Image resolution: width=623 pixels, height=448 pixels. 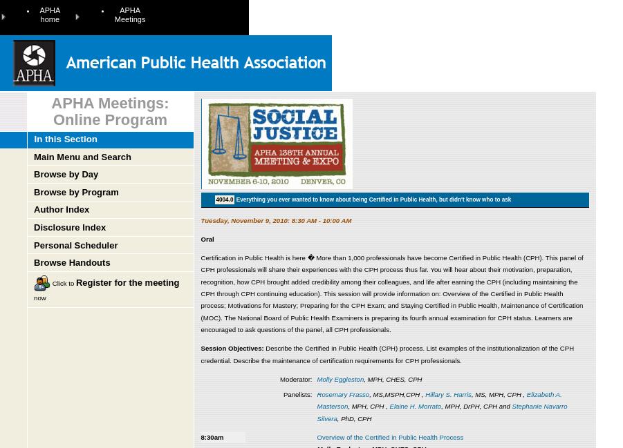 I want to click on '8:30am', so click(x=212, y=436).